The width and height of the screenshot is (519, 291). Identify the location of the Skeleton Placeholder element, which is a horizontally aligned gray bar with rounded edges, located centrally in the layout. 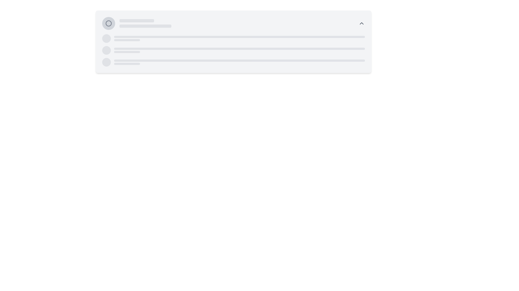
(239, 50).